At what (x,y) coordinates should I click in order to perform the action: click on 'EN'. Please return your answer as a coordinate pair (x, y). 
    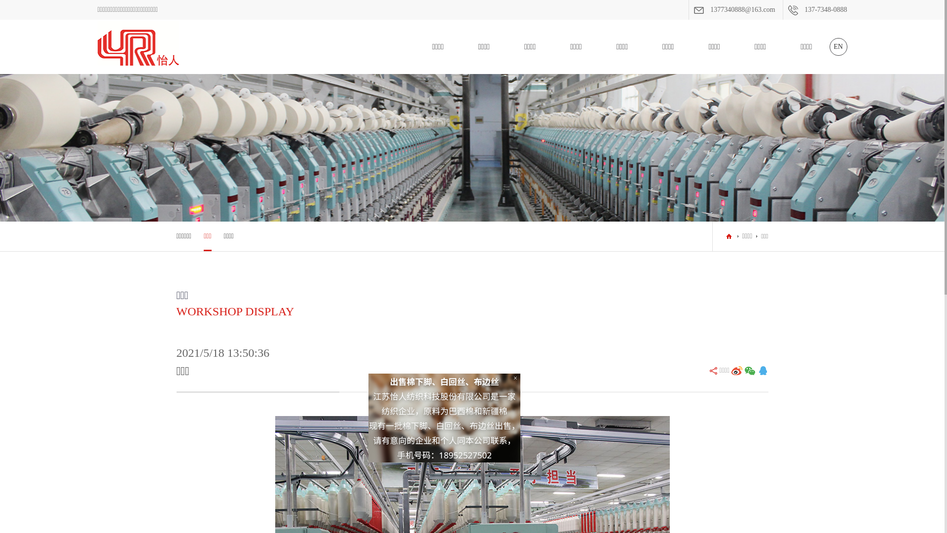
    Looking at the image, I should click on (838, 47).